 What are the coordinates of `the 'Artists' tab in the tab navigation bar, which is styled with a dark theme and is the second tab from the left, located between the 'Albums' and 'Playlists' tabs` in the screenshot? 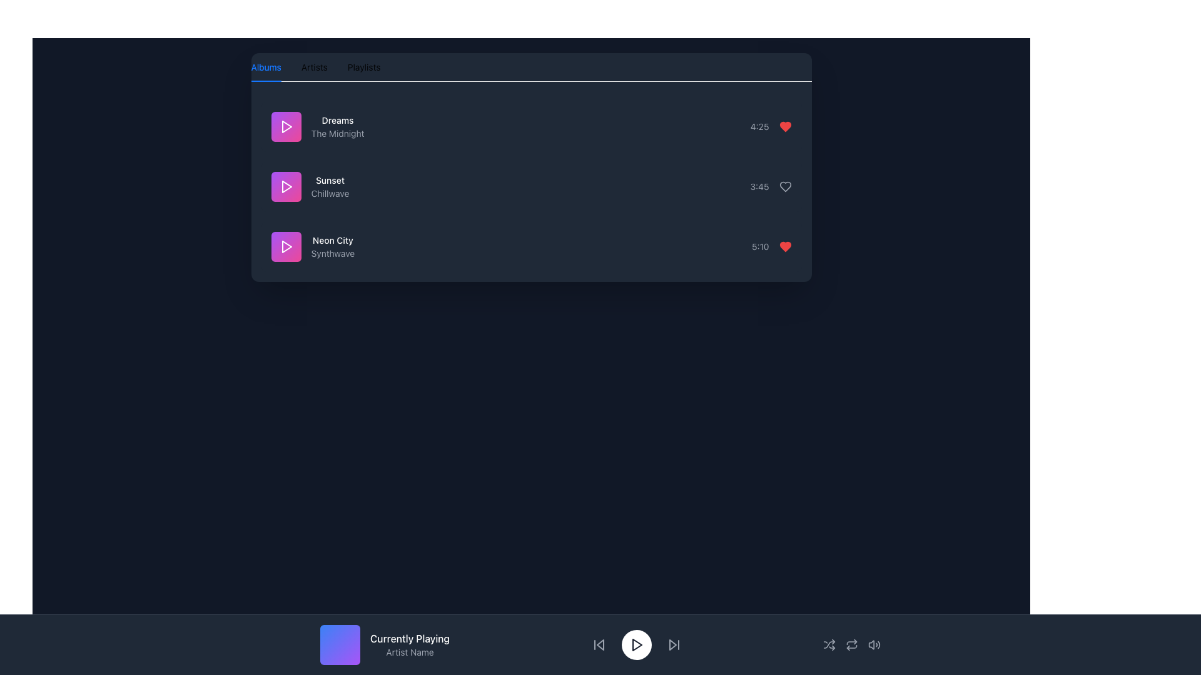 It's located at (315, 67).